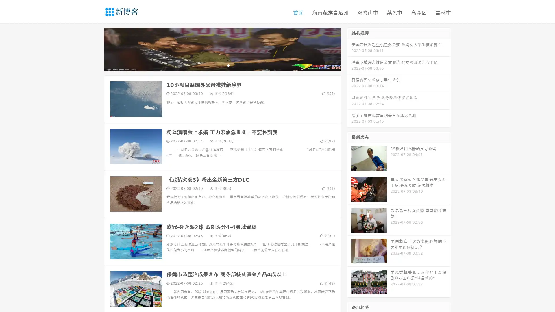  I want to click on Next slide, so click(349, 49).